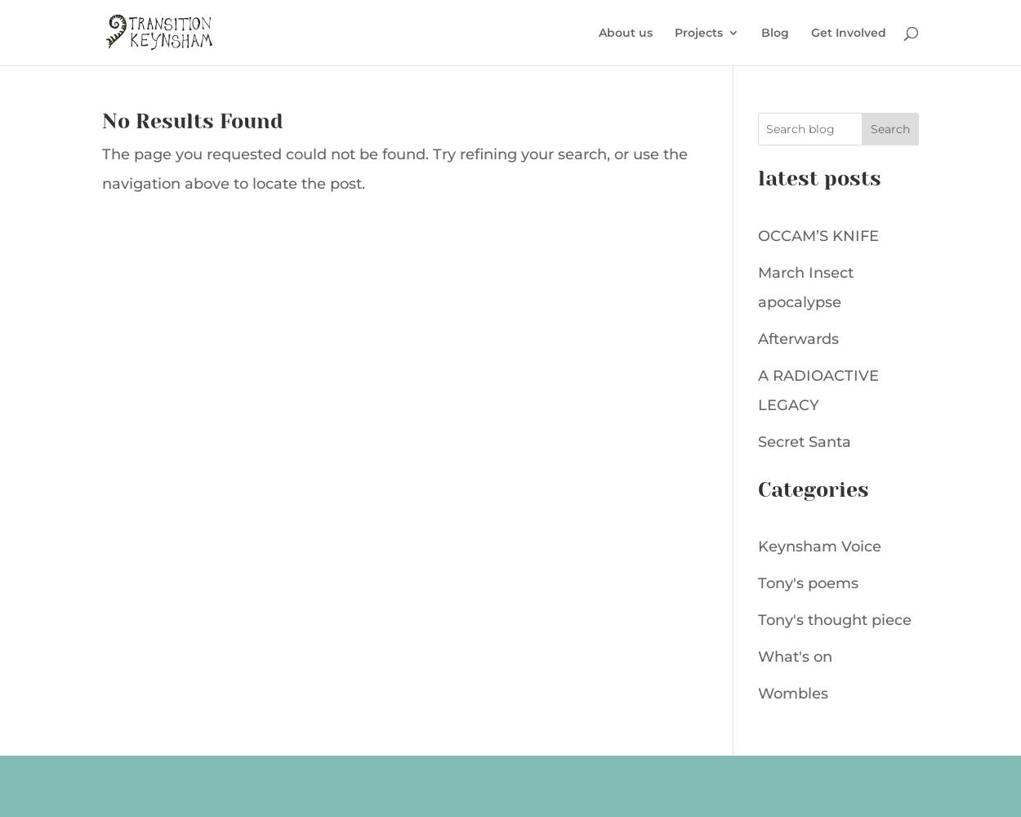 The width and height of the screenshot is (1021, 817). What do you see at coordinates (818, 547) in the screenshot?
I see `'Keynsham Voice'` at bounding box center [818, 547].